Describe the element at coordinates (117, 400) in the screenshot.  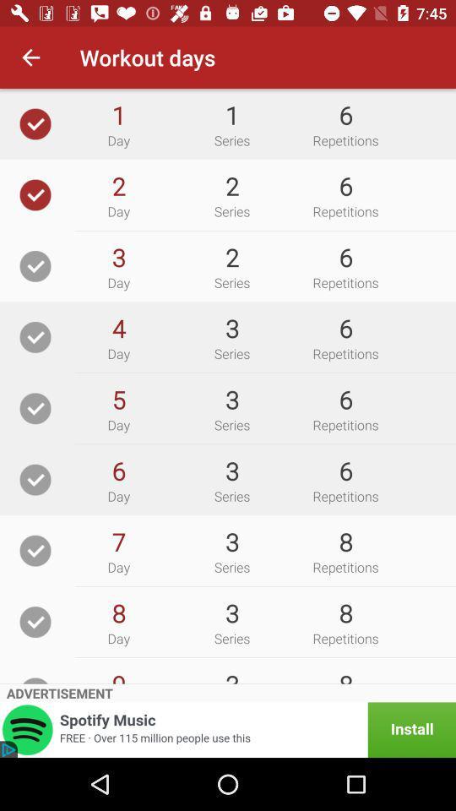
I see `the 5 icon` at that location.